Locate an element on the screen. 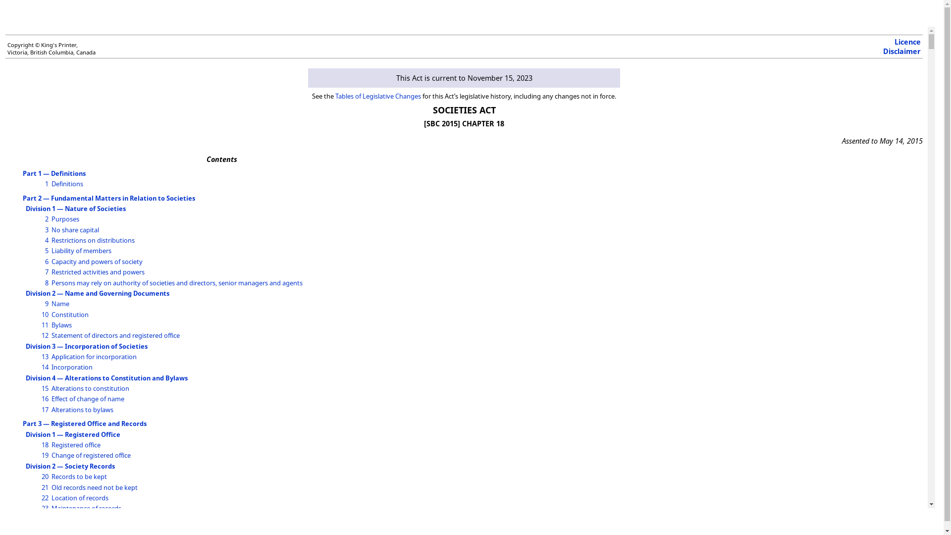  '3' is located at coordinates (46, 229).